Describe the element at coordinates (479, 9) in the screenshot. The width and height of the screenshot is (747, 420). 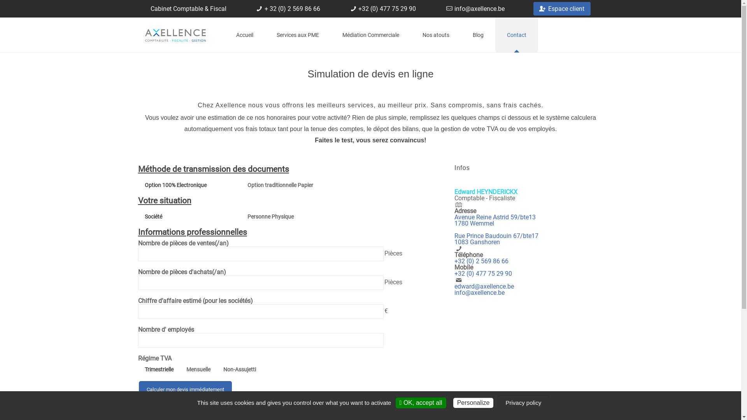
I see `'info@axellence.be'` at that location.